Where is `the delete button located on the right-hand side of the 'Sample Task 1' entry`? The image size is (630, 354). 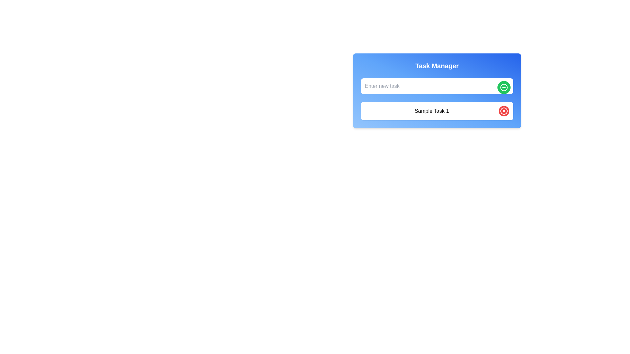 the delete button located on the right-hand side of the 'Sample Task 1' entry is located at coordinates (504, 111).